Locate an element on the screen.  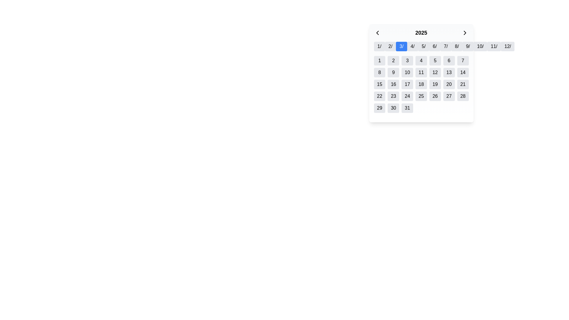
the ninth button in the month selector row that displays the text '9/' is located at coordinates (468, 46).